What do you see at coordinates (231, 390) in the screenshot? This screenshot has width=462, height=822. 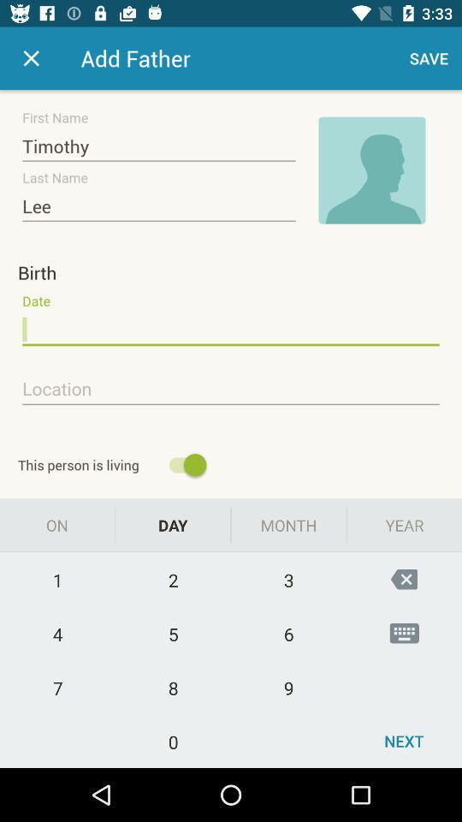 I see `type location` at bounding box center [231, 390].